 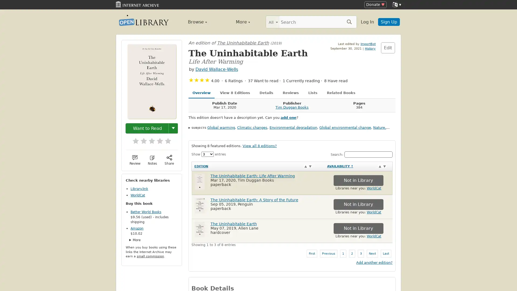 I want to click on 4, so click(x=157, y=139).